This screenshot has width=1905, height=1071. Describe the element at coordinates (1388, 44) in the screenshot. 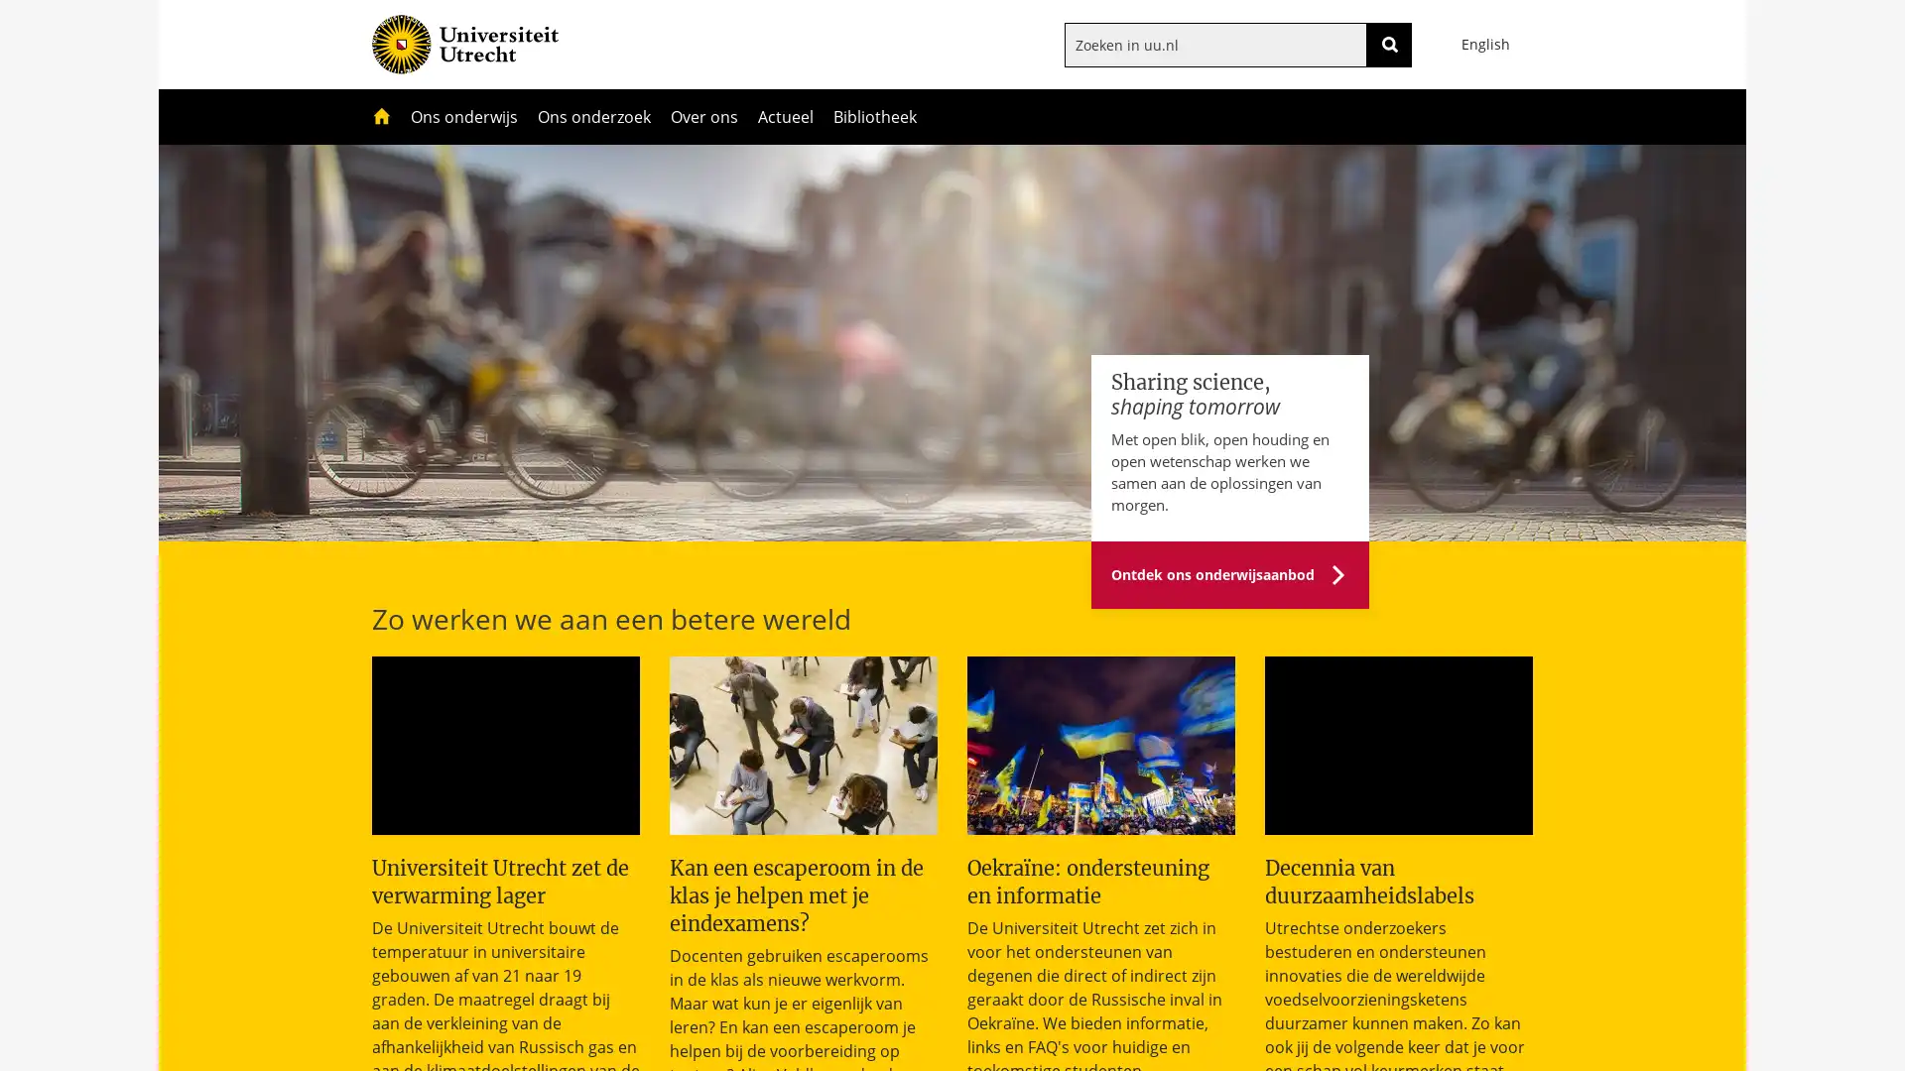

I see `ZOEKEN` at that location.